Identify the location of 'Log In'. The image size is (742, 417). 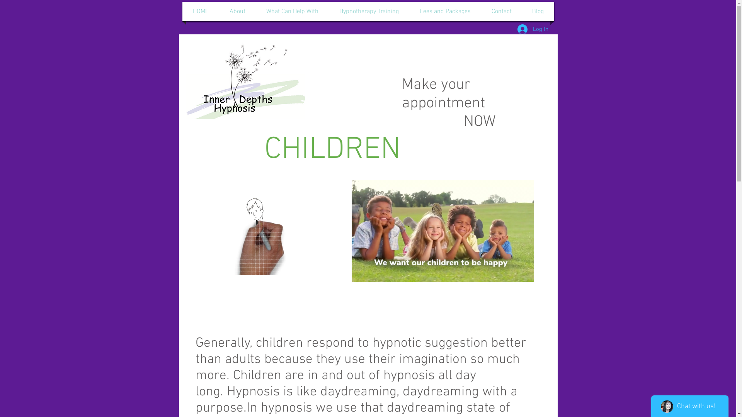
(532, 29).